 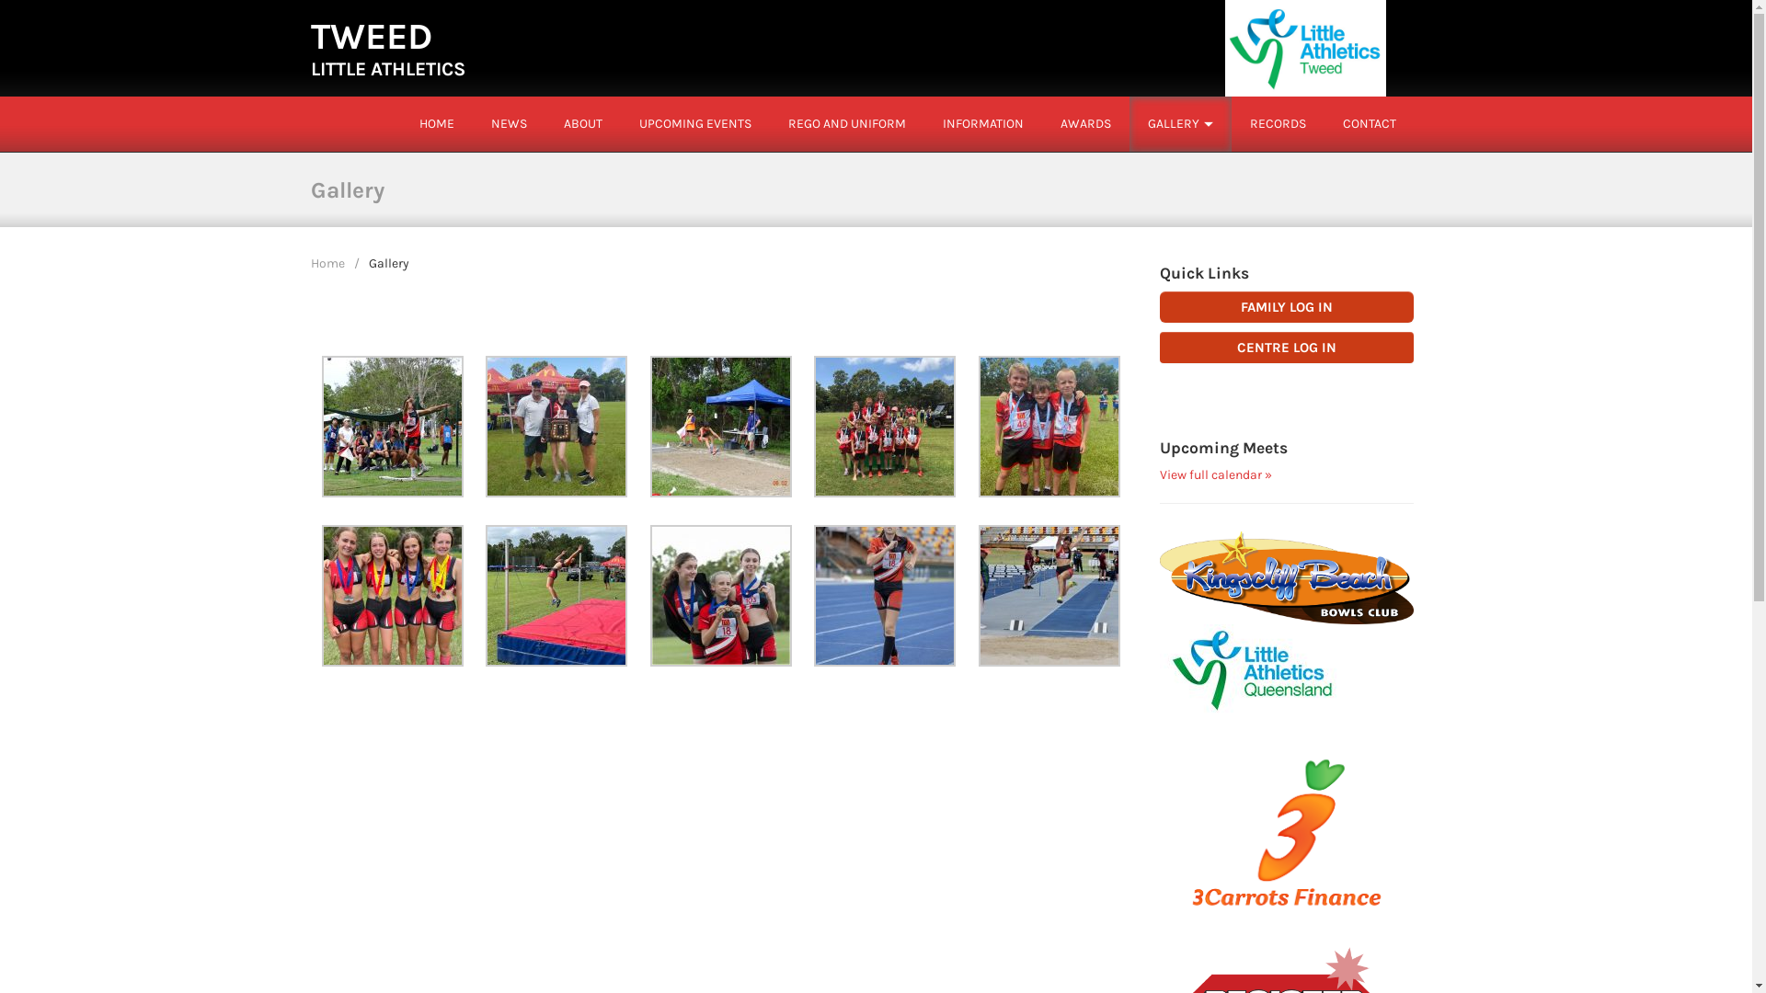 What do you see at coordinates (1276, 123) in the screenshot?
I see `'RECORDS'` at bounding box center [1276, 123].